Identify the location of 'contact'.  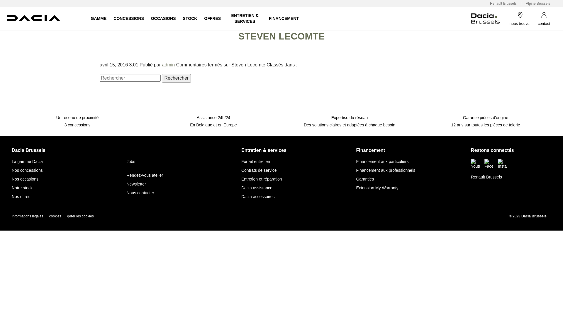
(543, 18).